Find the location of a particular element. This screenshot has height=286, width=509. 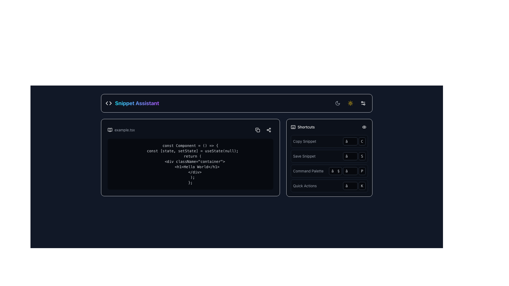

the non-interactive text label that reads 'Save Snippet', which is positioned beneath 'Copy Snippet' and above 'Command Palette' in the right panel of shortcut options is located at coordinates (304, 156).